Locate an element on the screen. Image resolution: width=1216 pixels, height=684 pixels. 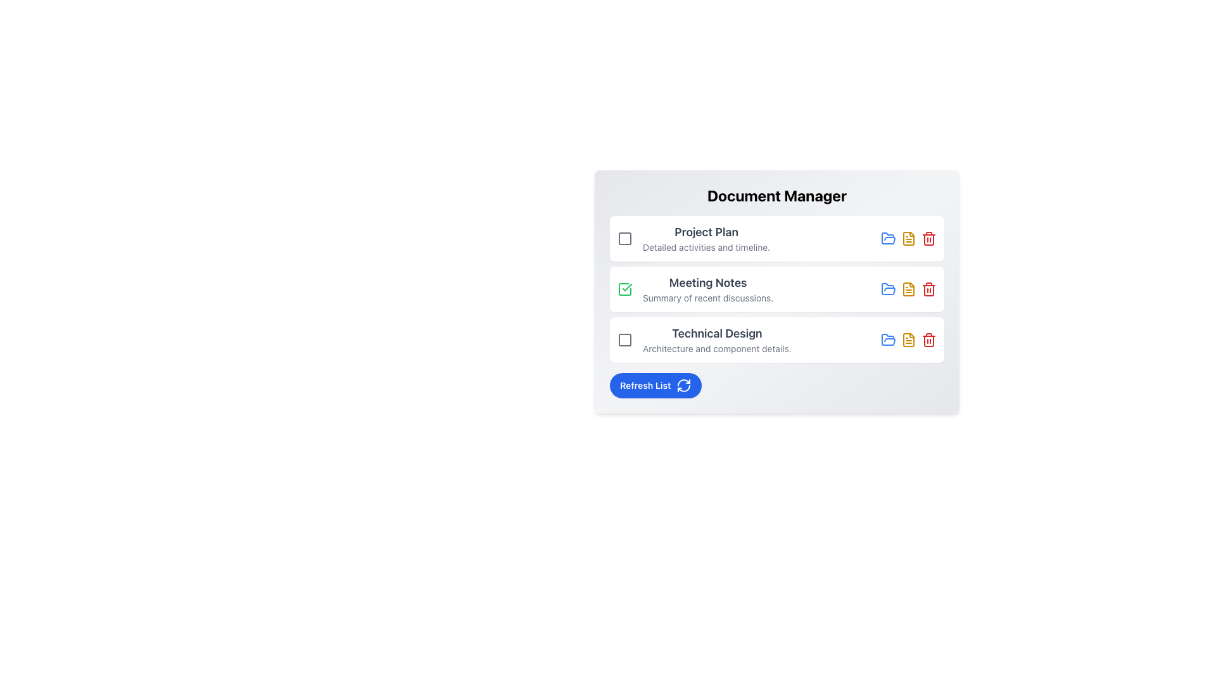
the refresh button located at the bottom of the 'Document Manager' is located at coordinates (655, 385).